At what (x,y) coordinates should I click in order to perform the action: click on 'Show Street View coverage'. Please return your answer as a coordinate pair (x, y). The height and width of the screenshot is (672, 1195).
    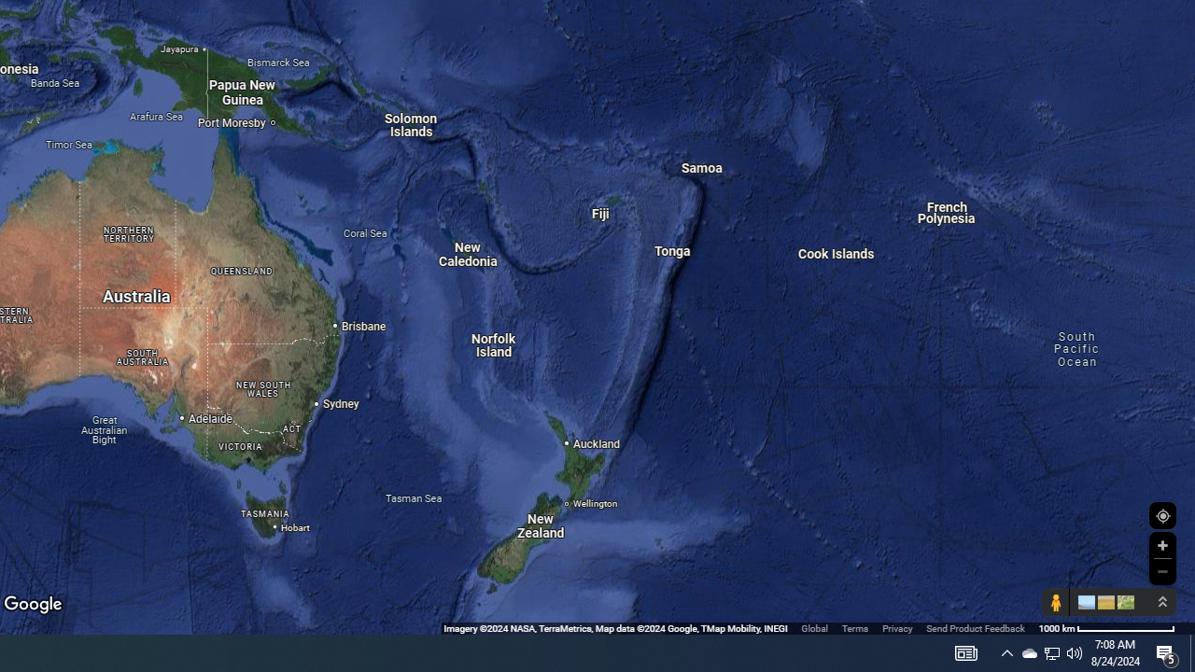
    Looking at the image, I should click on (1055, 602).